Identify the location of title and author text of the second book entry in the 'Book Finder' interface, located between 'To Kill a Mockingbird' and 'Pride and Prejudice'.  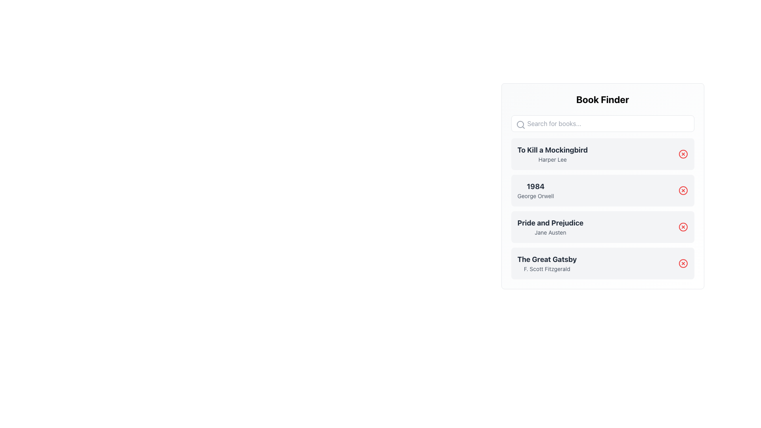
(535, 191).